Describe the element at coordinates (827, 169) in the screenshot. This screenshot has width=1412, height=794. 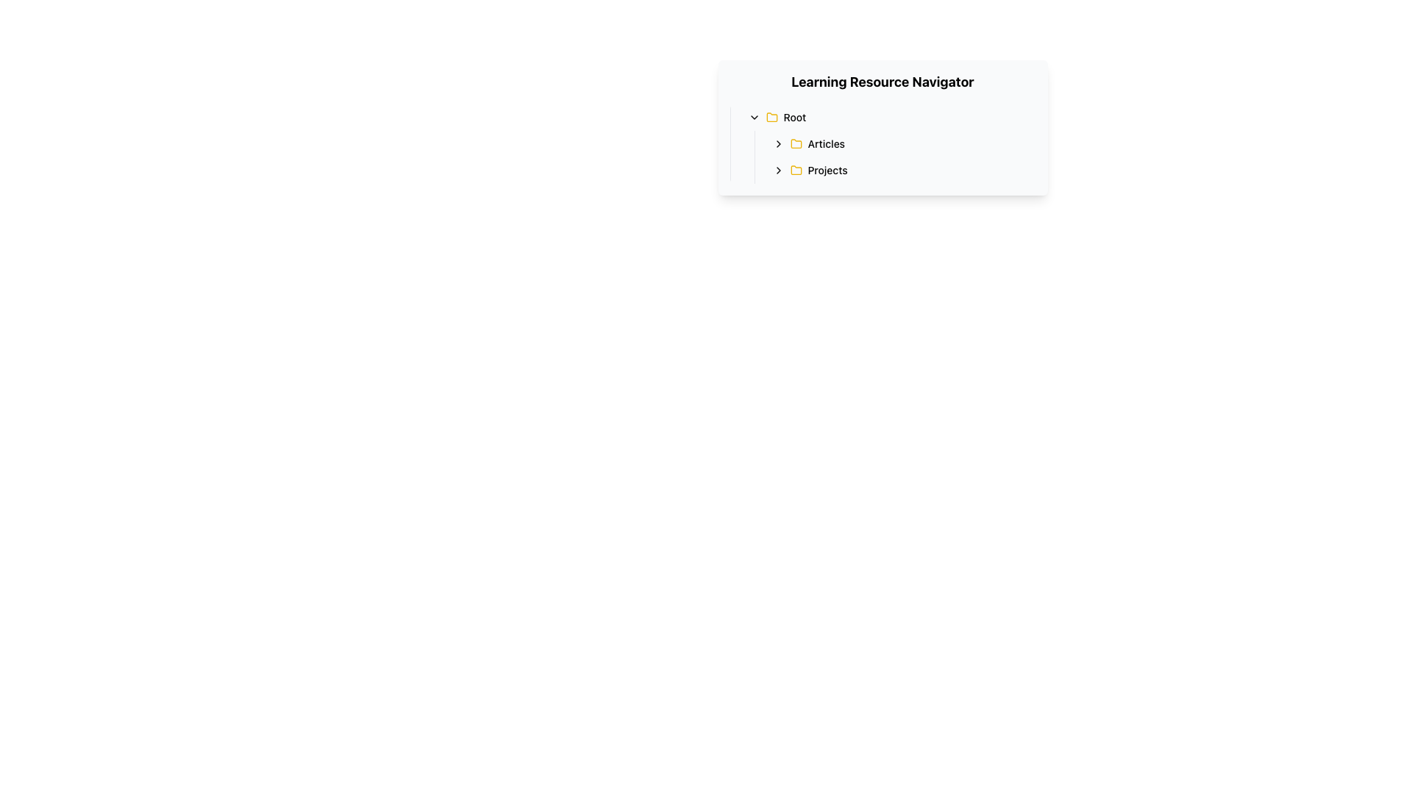
I see `the text label displaying 'Projects' which is part of a navigational list, located towards the right side of several children elements` at that location.